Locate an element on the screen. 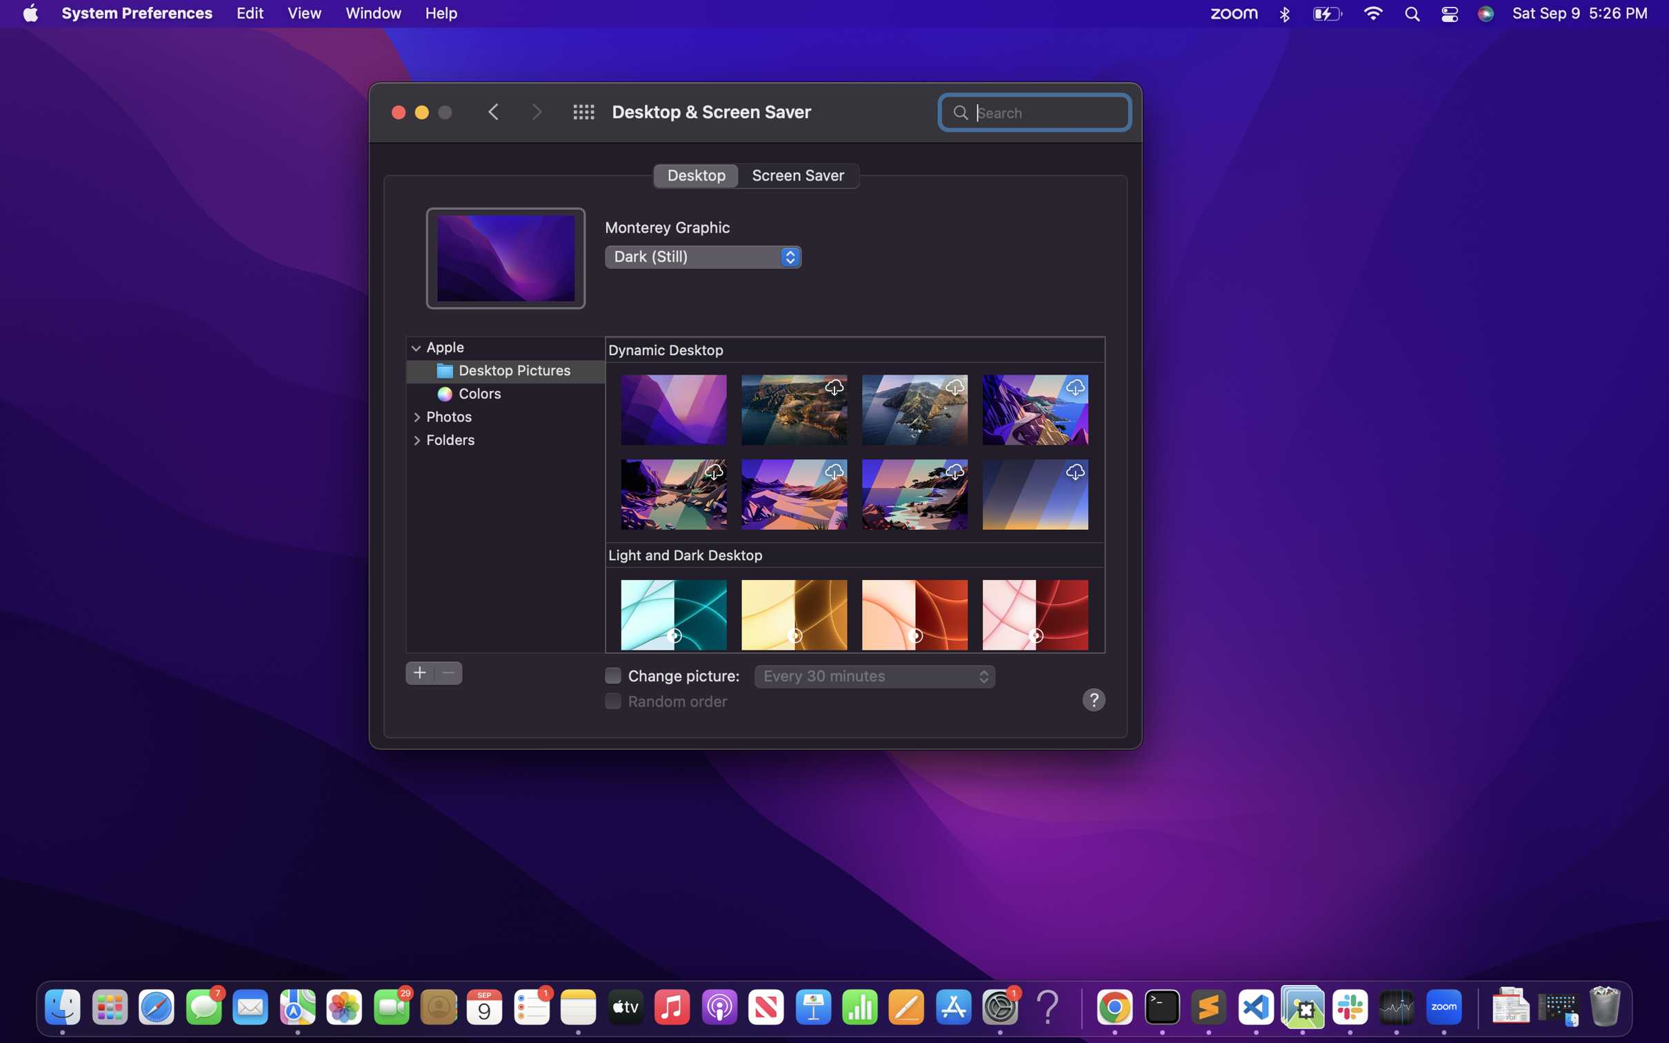 This screenshot has height=1043, width=1669. Activate the search box is located at coordinates (1035, 110).